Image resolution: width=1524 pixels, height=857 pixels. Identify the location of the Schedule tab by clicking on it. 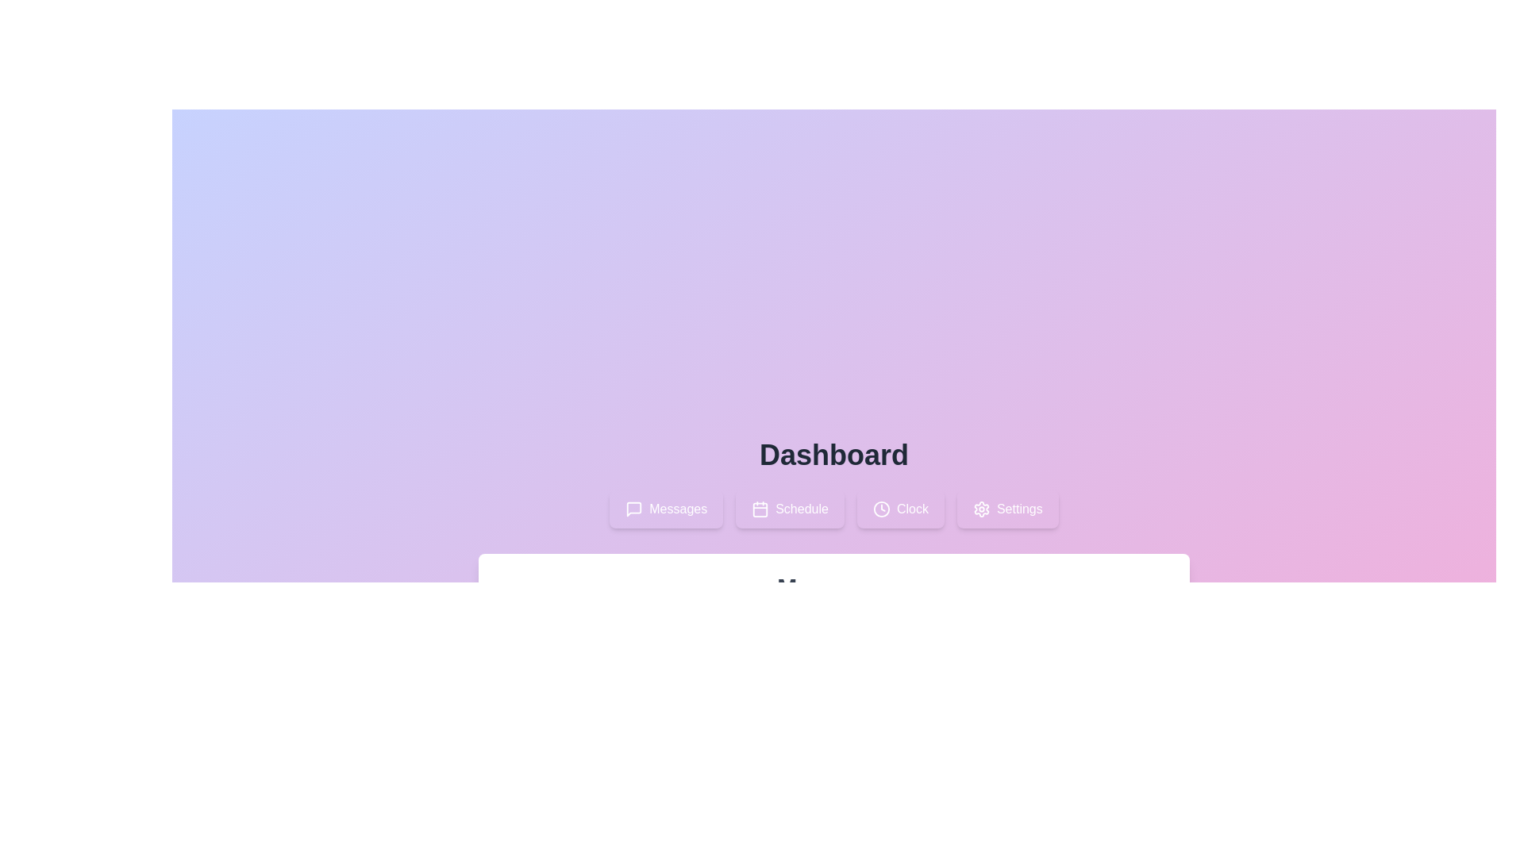
(790, 509).